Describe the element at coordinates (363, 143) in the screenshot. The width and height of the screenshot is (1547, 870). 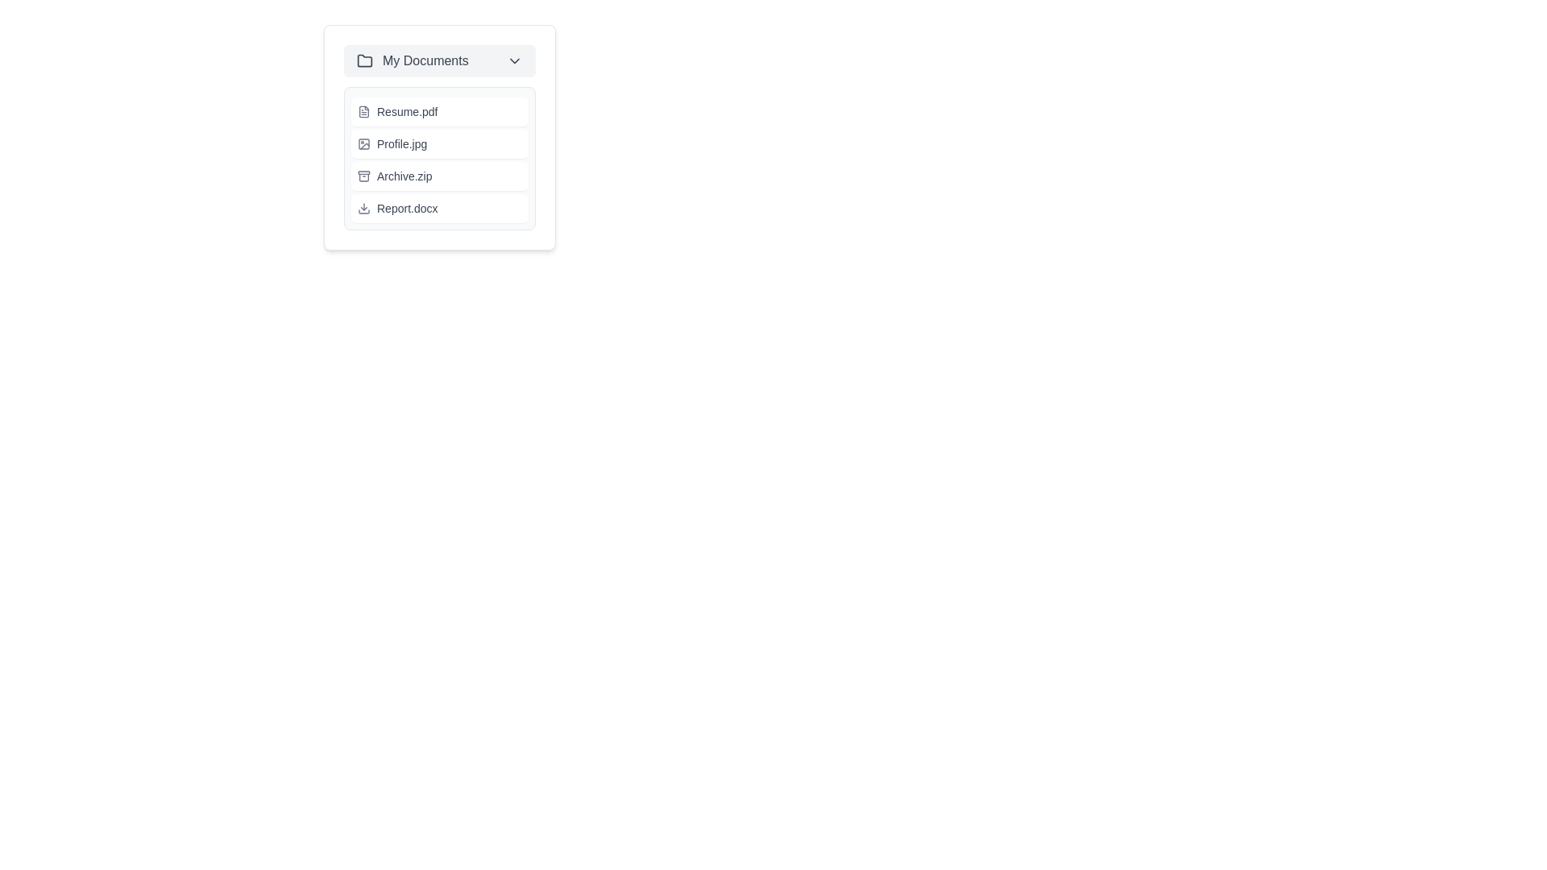
I see `the minimalistic gray icon resembling an image with a rectangular frame and a small circle inside, located to the immediate left of the text 'Profile.jpg'` at that location.